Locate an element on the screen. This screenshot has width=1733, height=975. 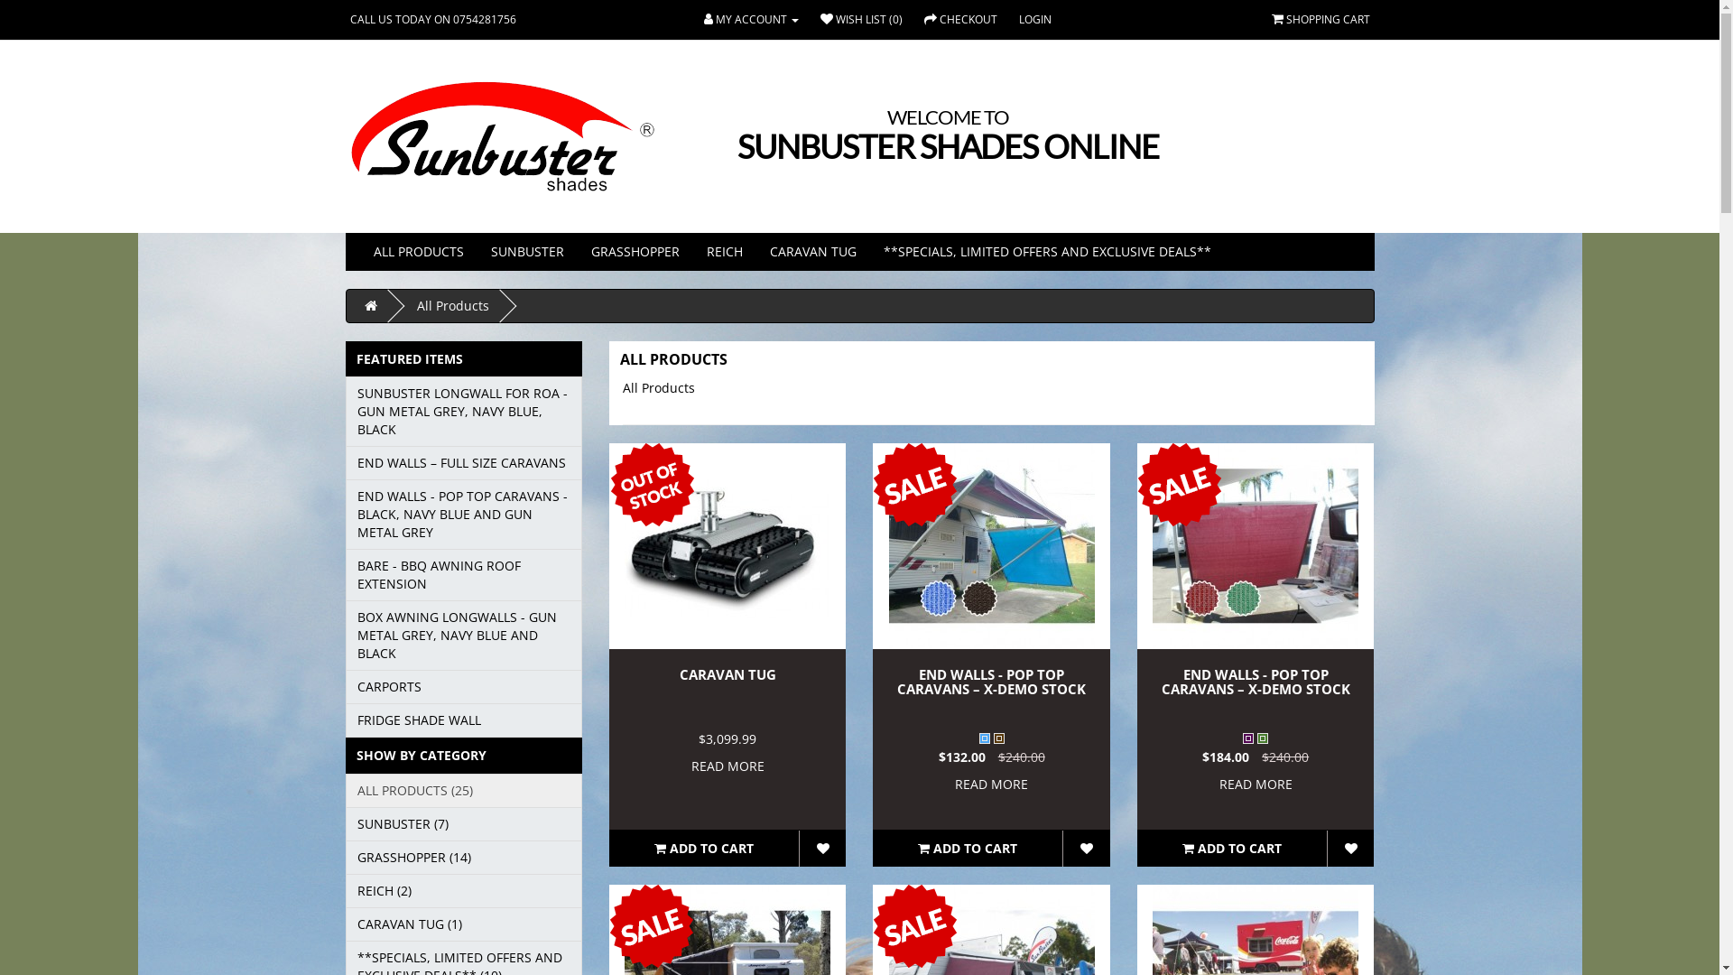
'Sunbuster Shades' is located at coordinates (502, 135).